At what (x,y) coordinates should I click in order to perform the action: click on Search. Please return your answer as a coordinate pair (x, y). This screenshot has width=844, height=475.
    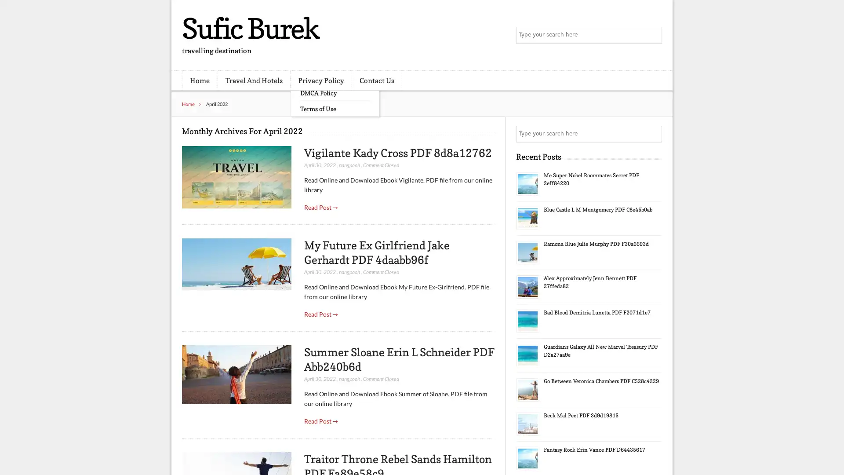
    Looking at the image, I should click on (653, 134).